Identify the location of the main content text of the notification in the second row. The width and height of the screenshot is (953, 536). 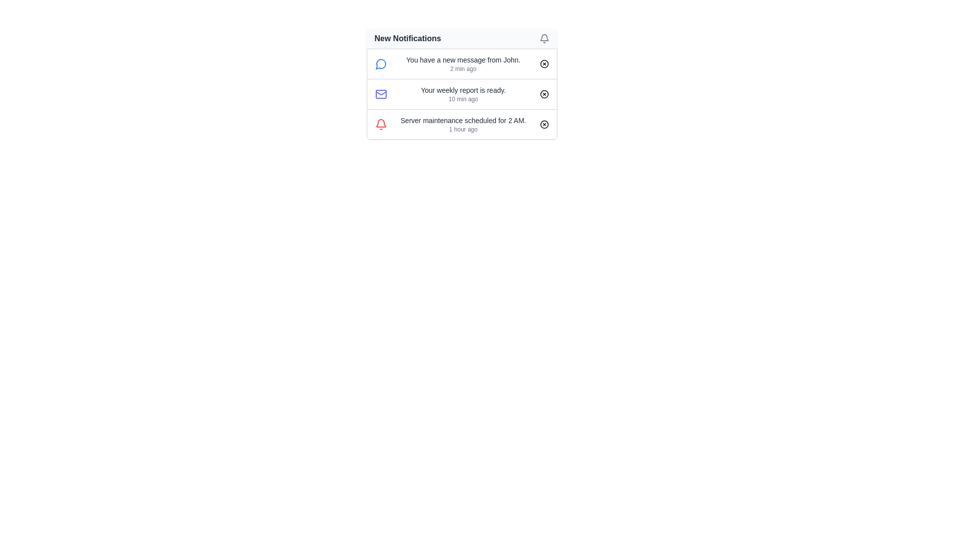
(463, 90).